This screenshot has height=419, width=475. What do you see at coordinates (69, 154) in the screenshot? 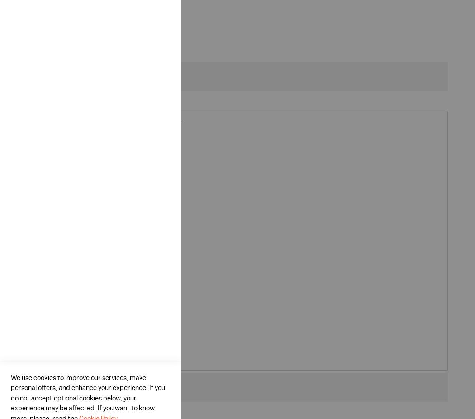
I see `'Easily cleaned'` at bounding box center [69, 154].